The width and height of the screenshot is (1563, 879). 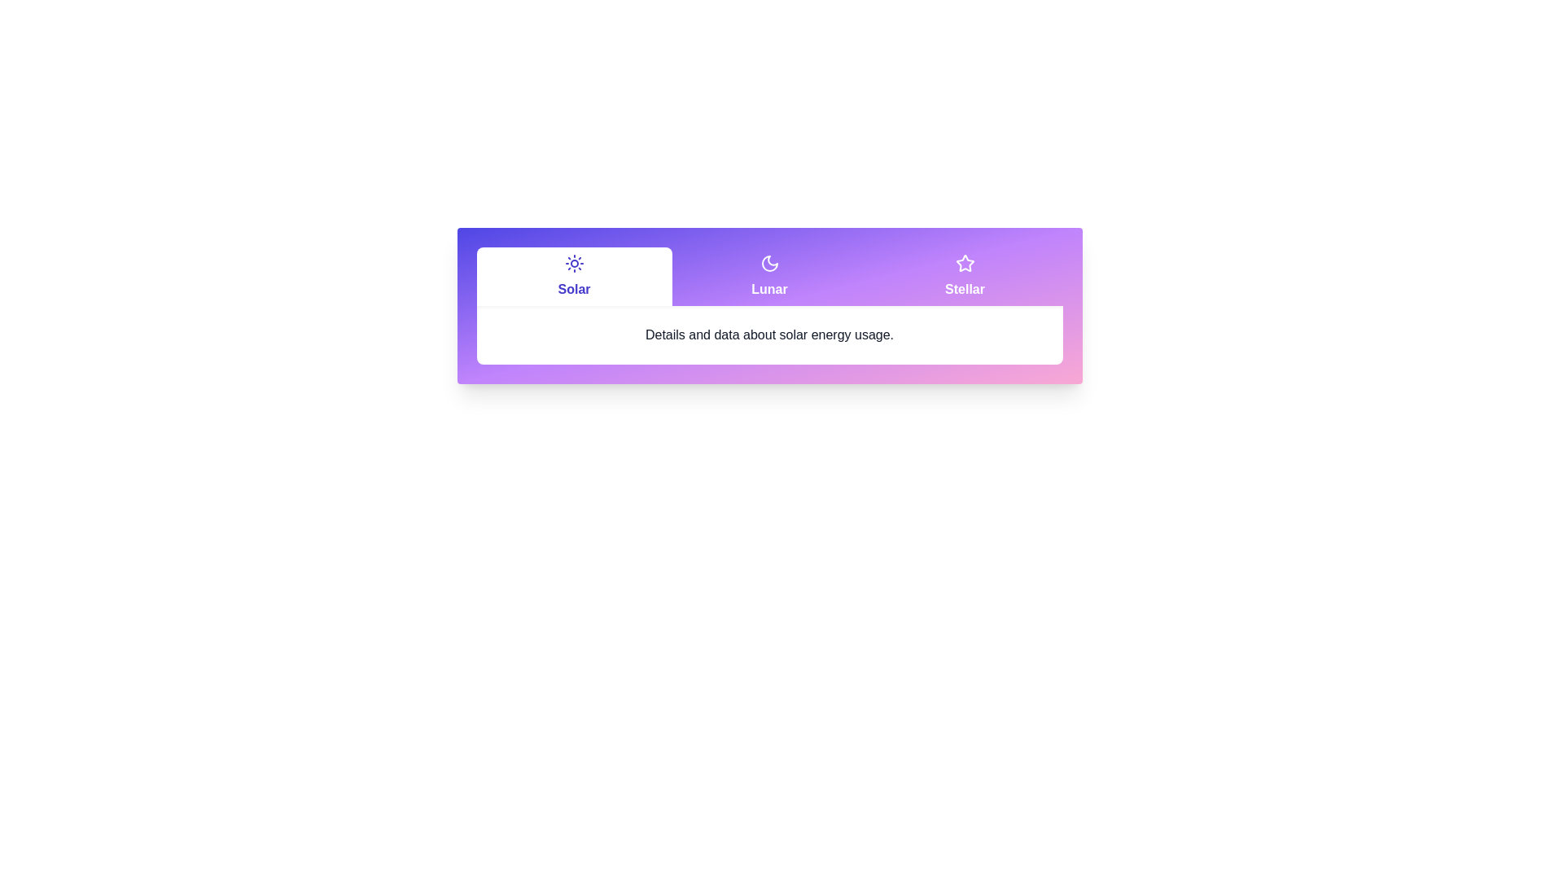 I want to click on the Solar tab by clicking its header, so click(x=574, y=275).